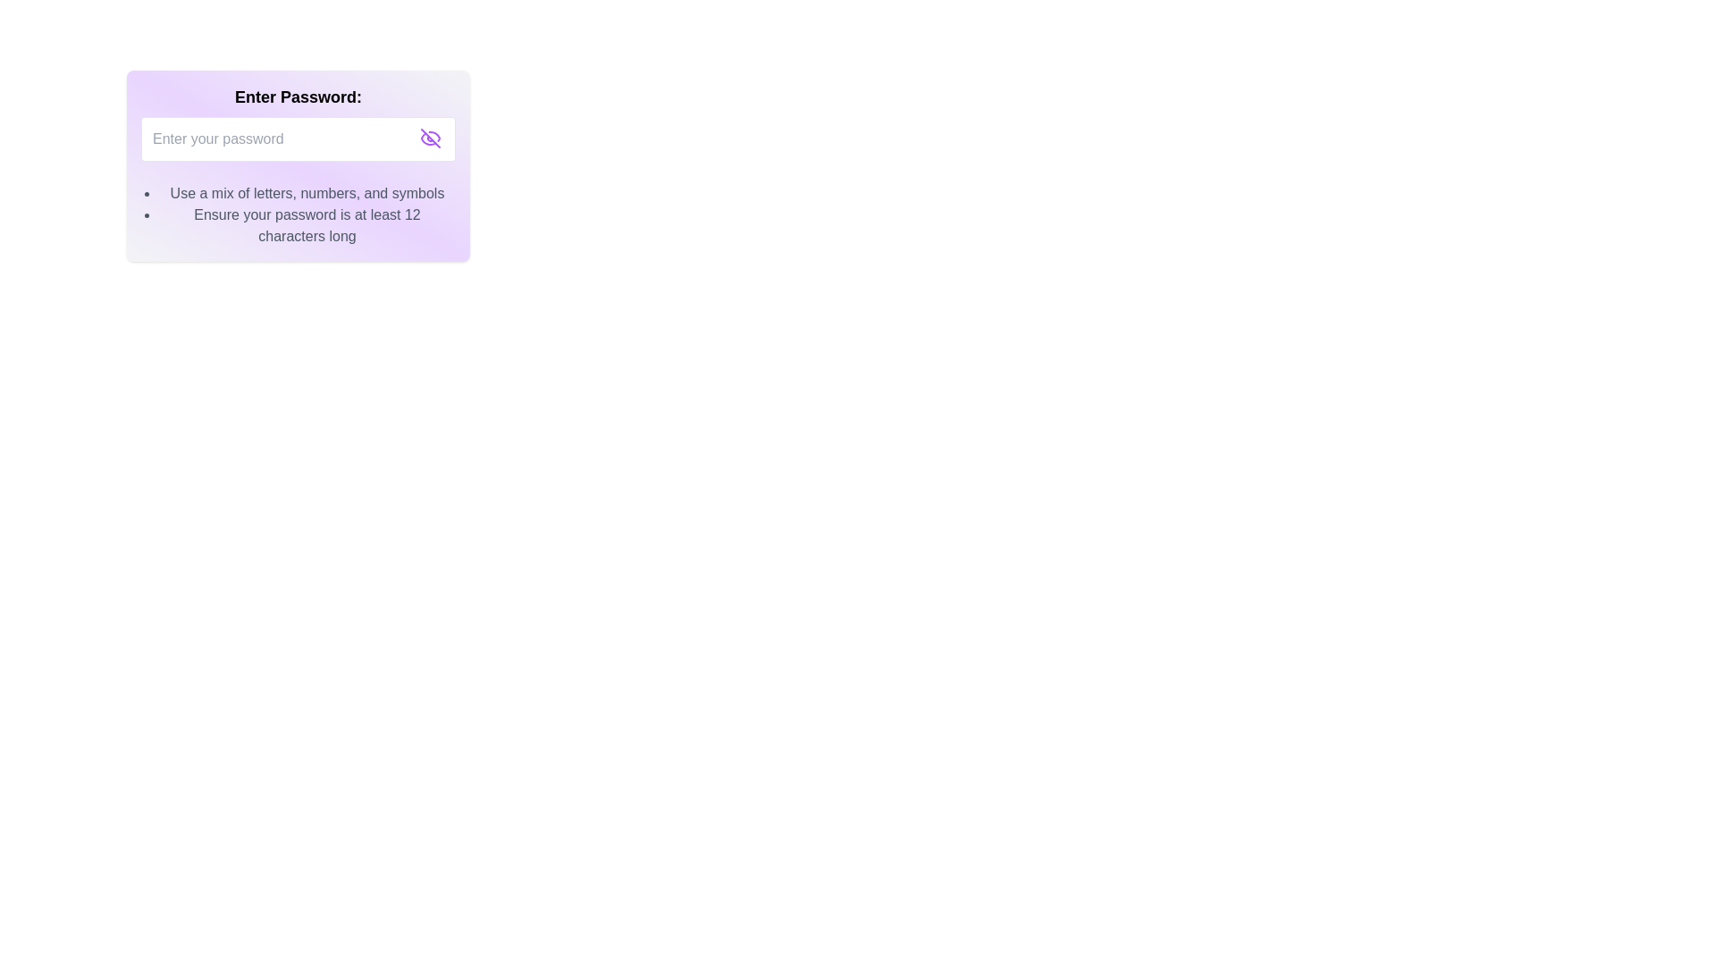 Image resolution: width=1716 pixels, height=965 pixels. What do you see at coordinates (430, 137) in the screenshot?
I see `the minimalistic icon with a diagonal line indicating password visibility toggle, located in the top-right corner of the password input field` at bounding box center [430, 137].